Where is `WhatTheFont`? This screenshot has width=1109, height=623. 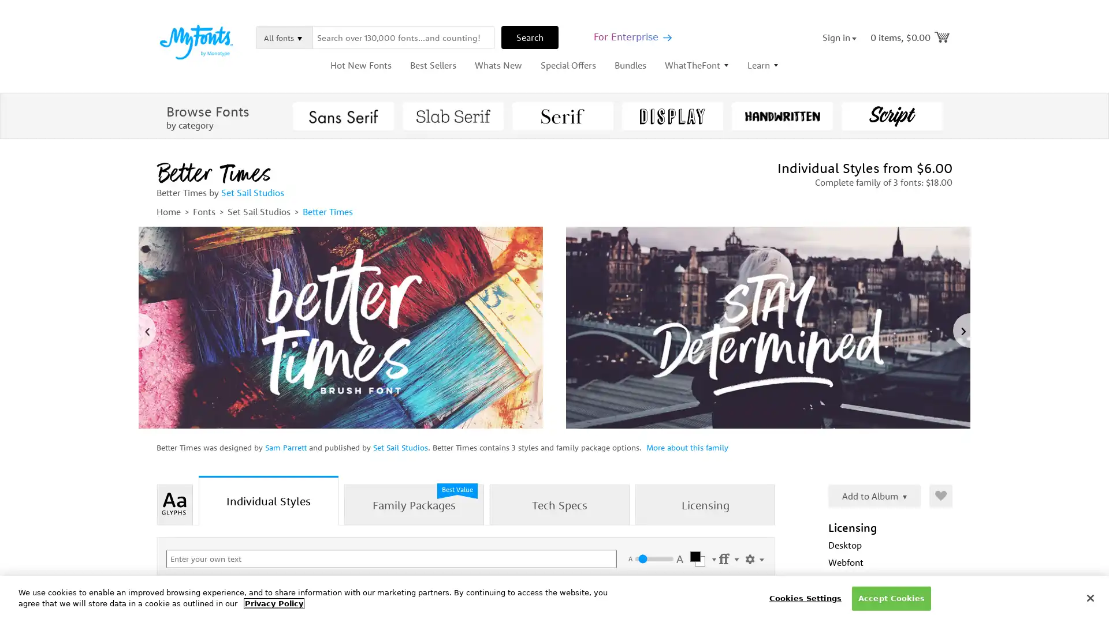
WhatTheFont is located at coordinates (696, 65).